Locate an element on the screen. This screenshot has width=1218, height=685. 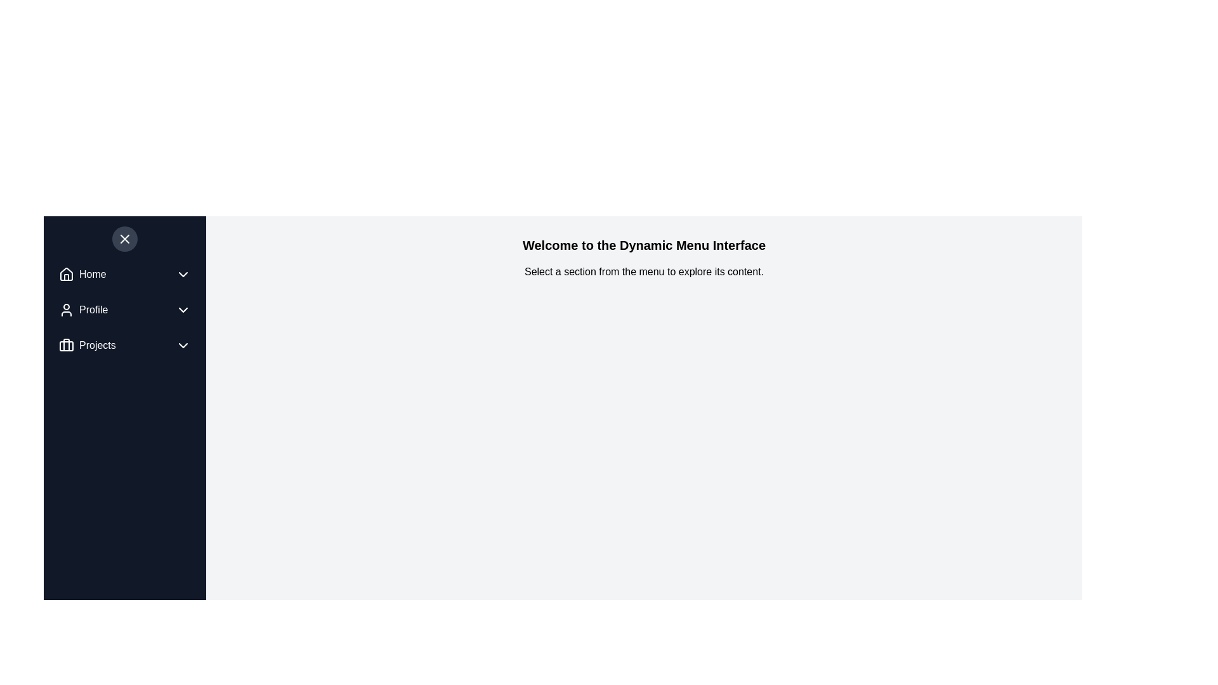
the downward-pointing chevron icon associated with the 'Home' menu item on the vertical navigation bar is located at coordinates (182, 273).